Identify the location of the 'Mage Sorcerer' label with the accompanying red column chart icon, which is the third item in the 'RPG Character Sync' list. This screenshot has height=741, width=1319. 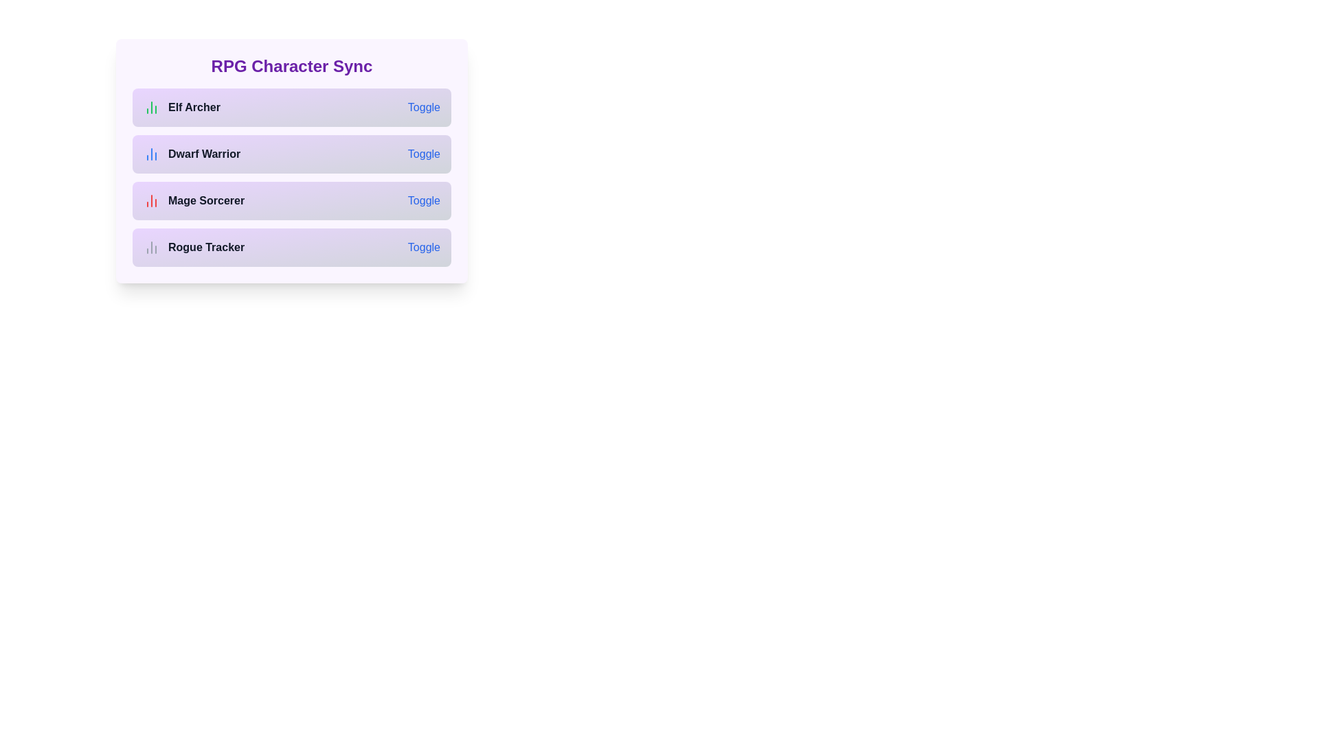
(193, 201).